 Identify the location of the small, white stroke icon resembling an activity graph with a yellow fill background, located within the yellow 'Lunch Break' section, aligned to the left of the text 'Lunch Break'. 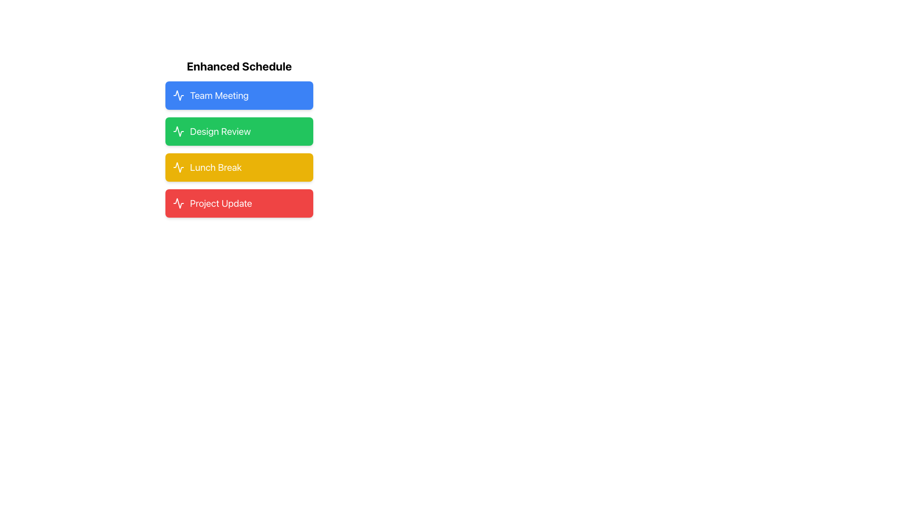
(179, 167).